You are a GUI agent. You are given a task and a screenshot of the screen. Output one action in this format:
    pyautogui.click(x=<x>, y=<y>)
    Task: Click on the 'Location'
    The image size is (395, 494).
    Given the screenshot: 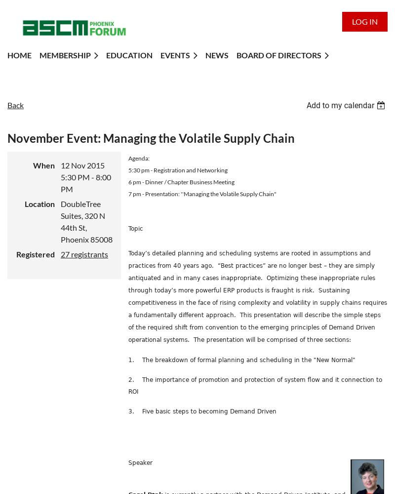 What is the action you would take?
    pyautogui.click(x=39, y=203)
    